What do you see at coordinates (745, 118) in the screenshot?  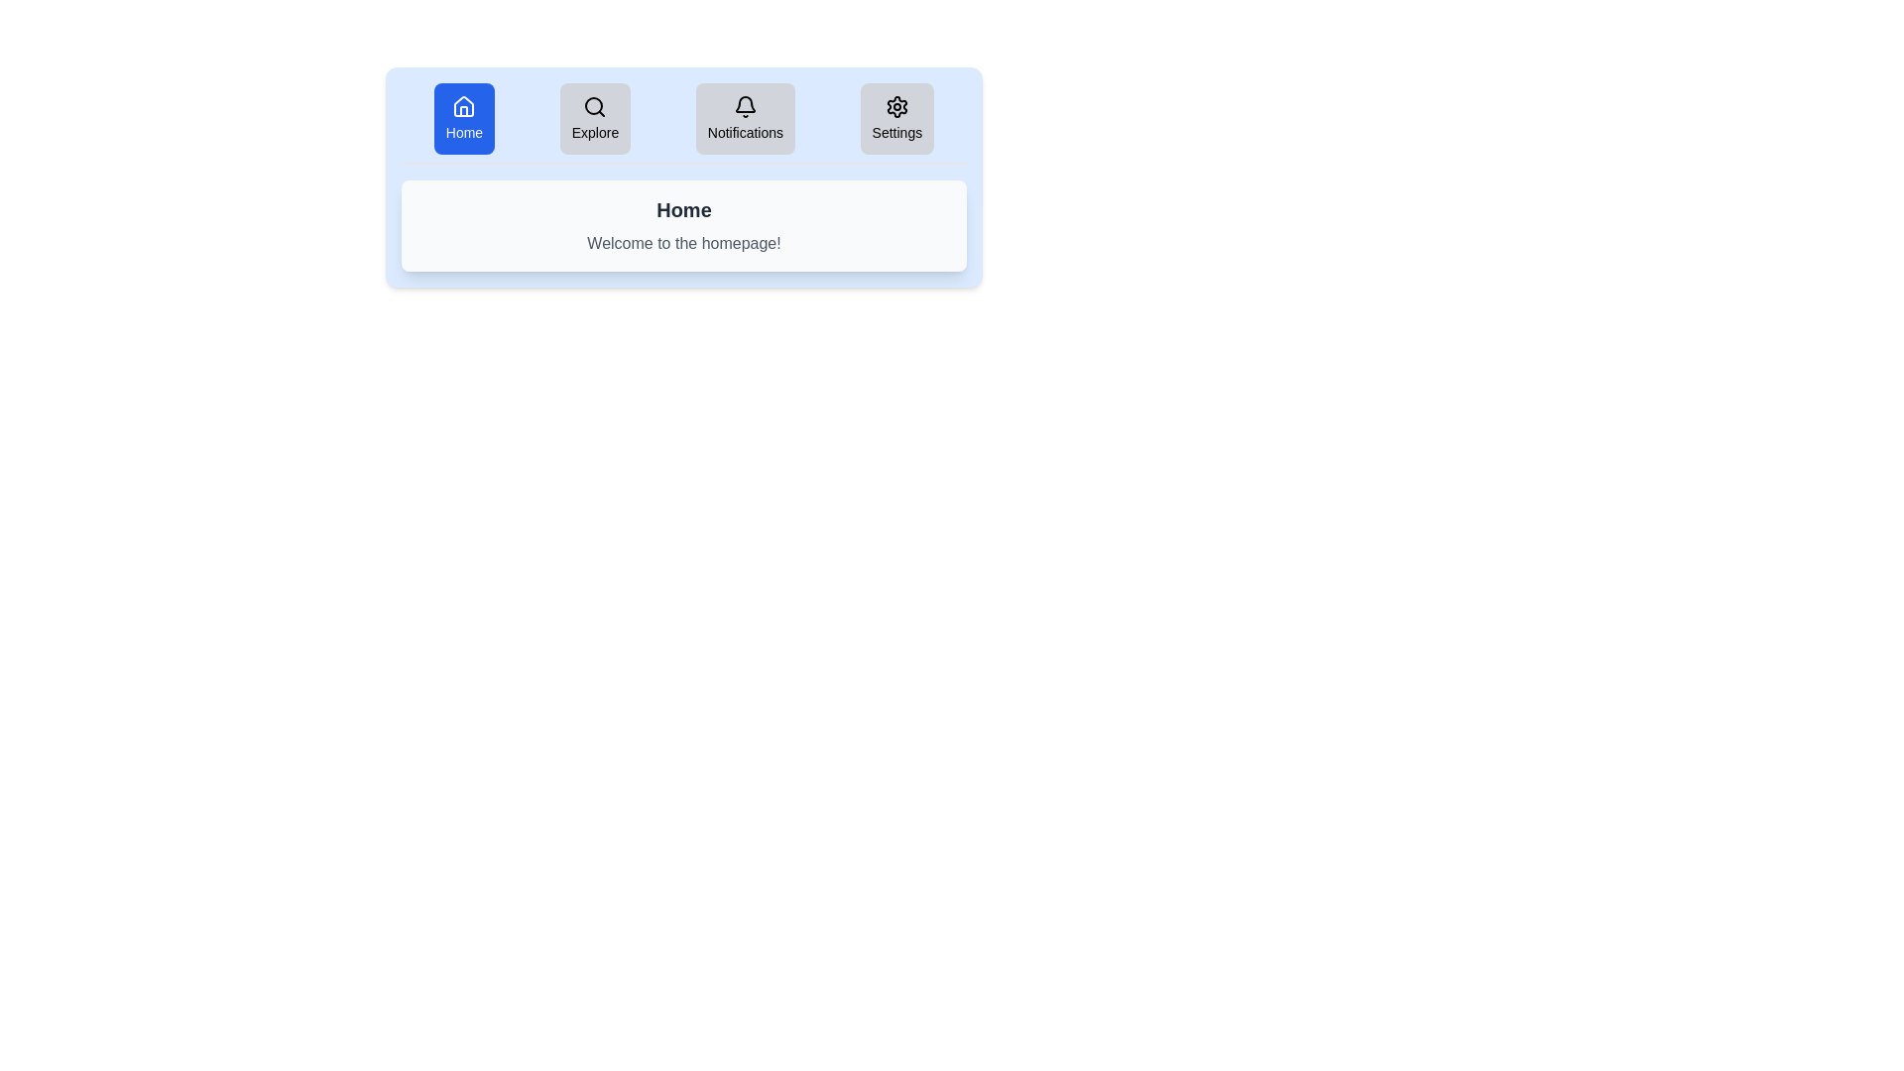 I see `the tab button labeled Notifications` at bounding box center [745, 118].